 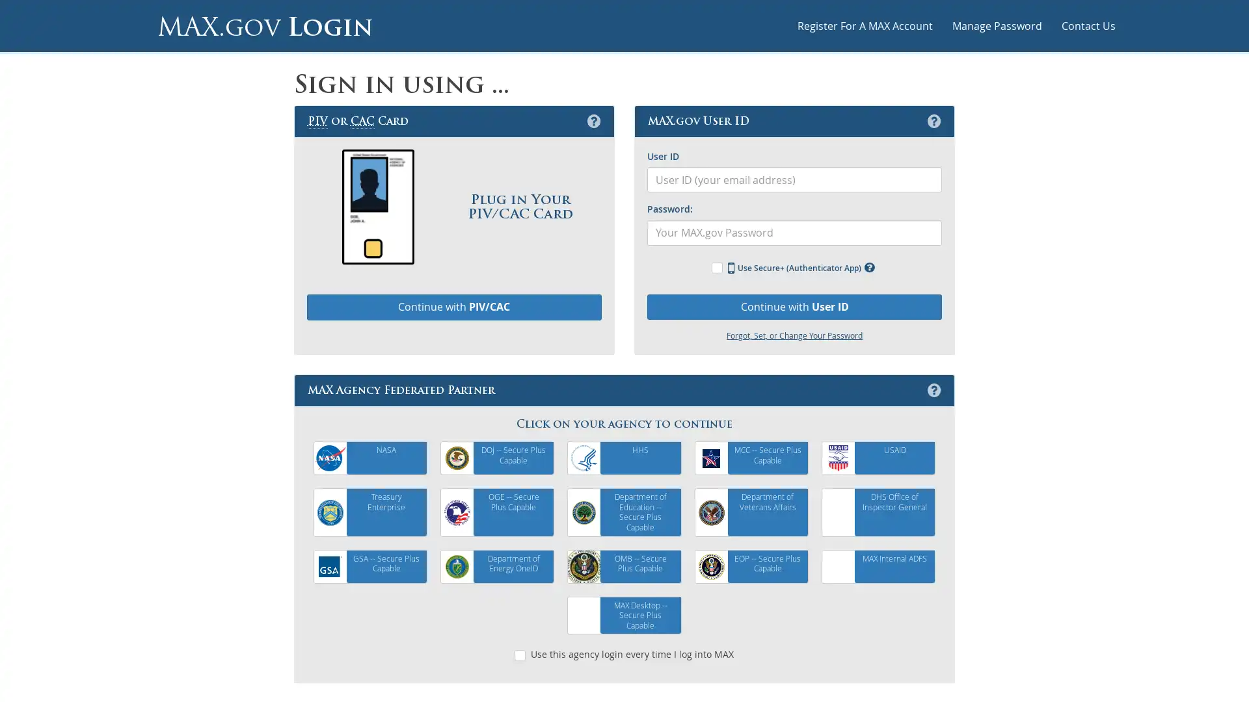 I want to click on Personal Identification Verification or Common Access Card, so click(x=593, y=120).